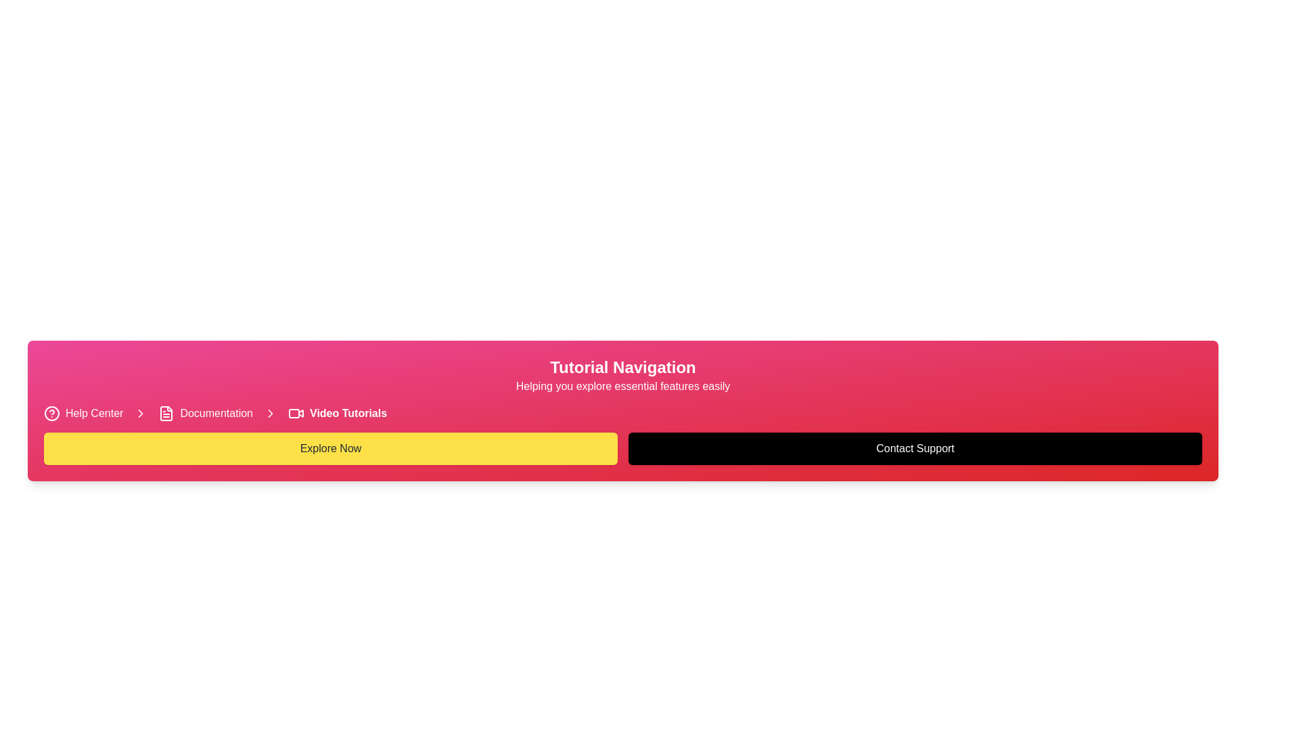 The height and width of the screenshot is (730, 1299). What do you see at coordinates (141, 413) in the screenshot?
I see `the first right-chevron icon in the breadcrumb navigation interface, which separates 'Help Center' and 'Documentation'` at bounding box center [141, 413].